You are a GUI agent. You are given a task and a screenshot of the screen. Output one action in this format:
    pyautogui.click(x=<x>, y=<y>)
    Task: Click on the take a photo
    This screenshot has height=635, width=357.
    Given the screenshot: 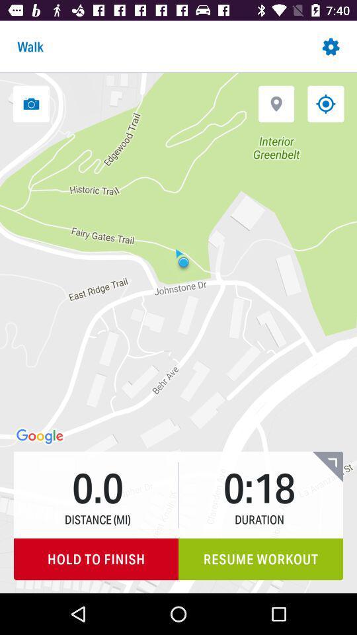 What is the action you would take?
    pyautogui.click(x=31, y=103)
    